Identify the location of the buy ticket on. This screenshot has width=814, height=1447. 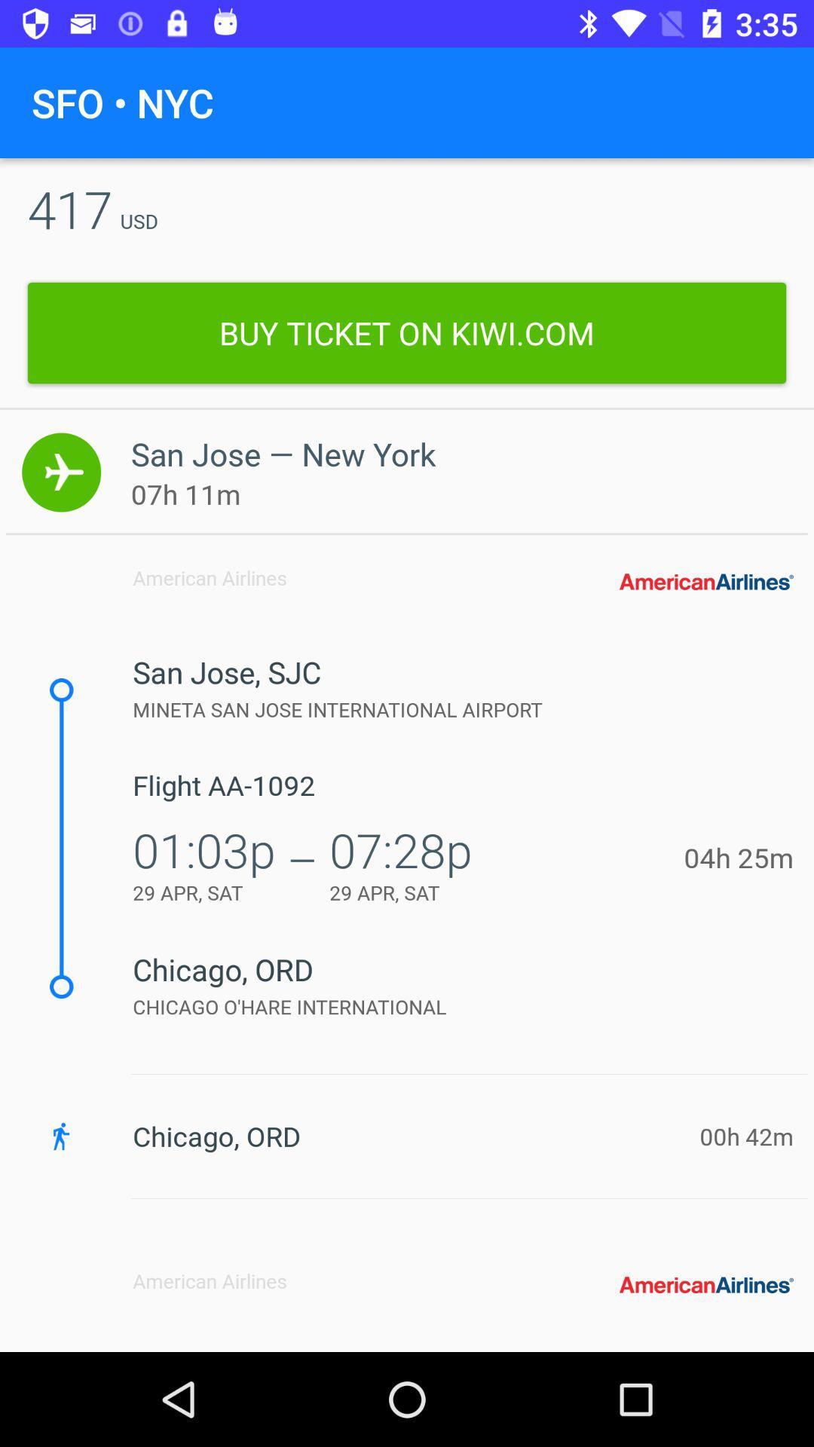
(407, 332).